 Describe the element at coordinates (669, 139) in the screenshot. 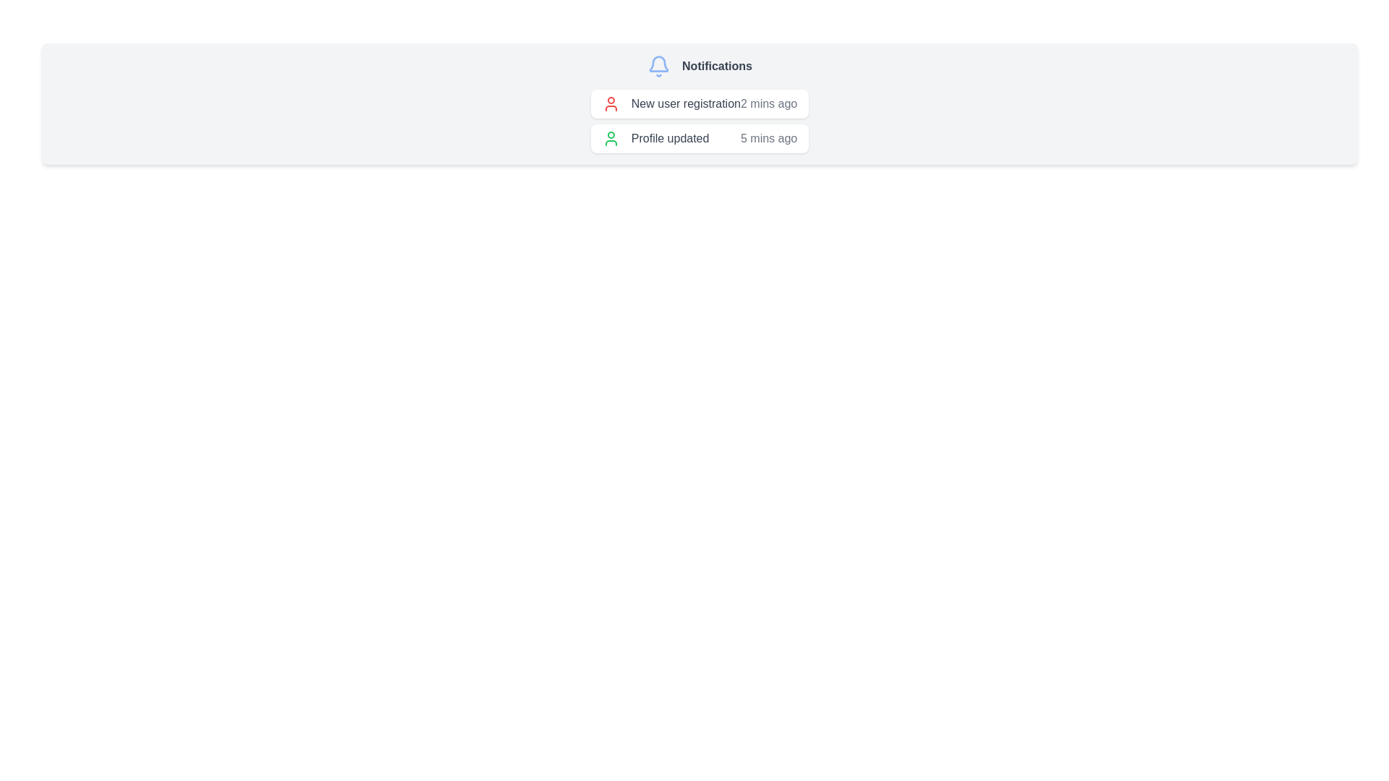

I see `the message displayed in the status update text label located on the second notification card within the notification panel, positioned between a green user icon and the timestamp '5 mins ago'` at that location.